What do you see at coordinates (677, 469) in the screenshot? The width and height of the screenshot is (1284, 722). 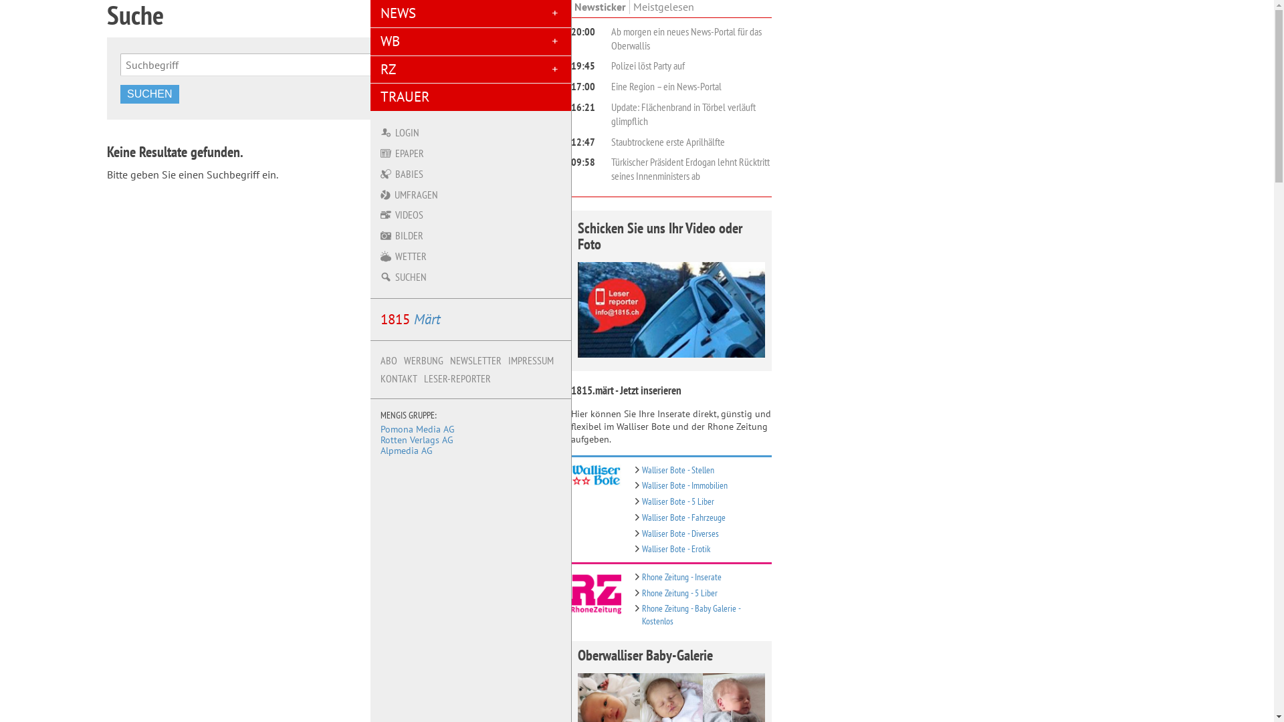 I see `'Walliser Bote - Stellen'` at bounding box center [677, 469].